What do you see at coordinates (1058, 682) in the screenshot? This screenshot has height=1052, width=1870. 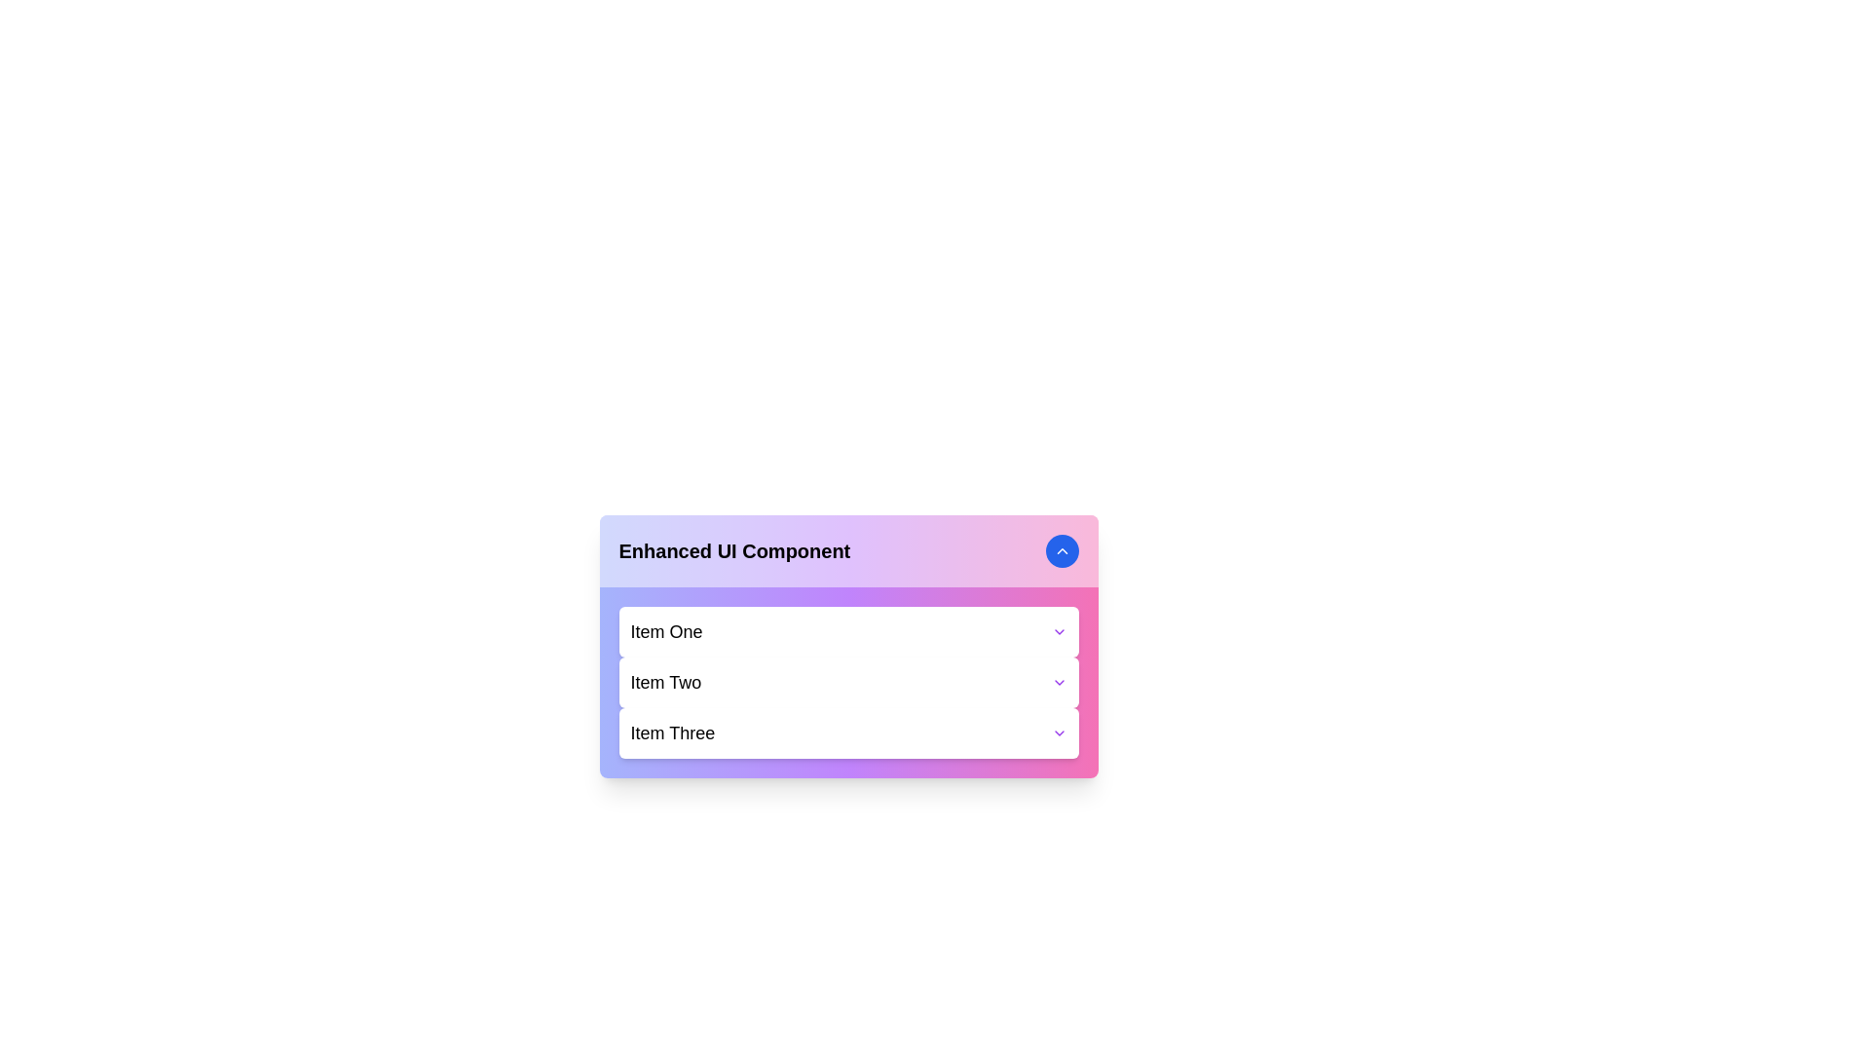 I see `the interactive purple chevron-down icon located at the rightmost part of the 'Item Two' row, which indicates a dropdown for further options` at bounding box center [1058, 682].